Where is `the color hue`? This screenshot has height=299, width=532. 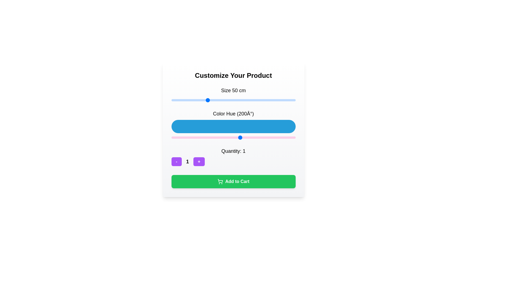 the color hue is located at coordinates (210, 137).